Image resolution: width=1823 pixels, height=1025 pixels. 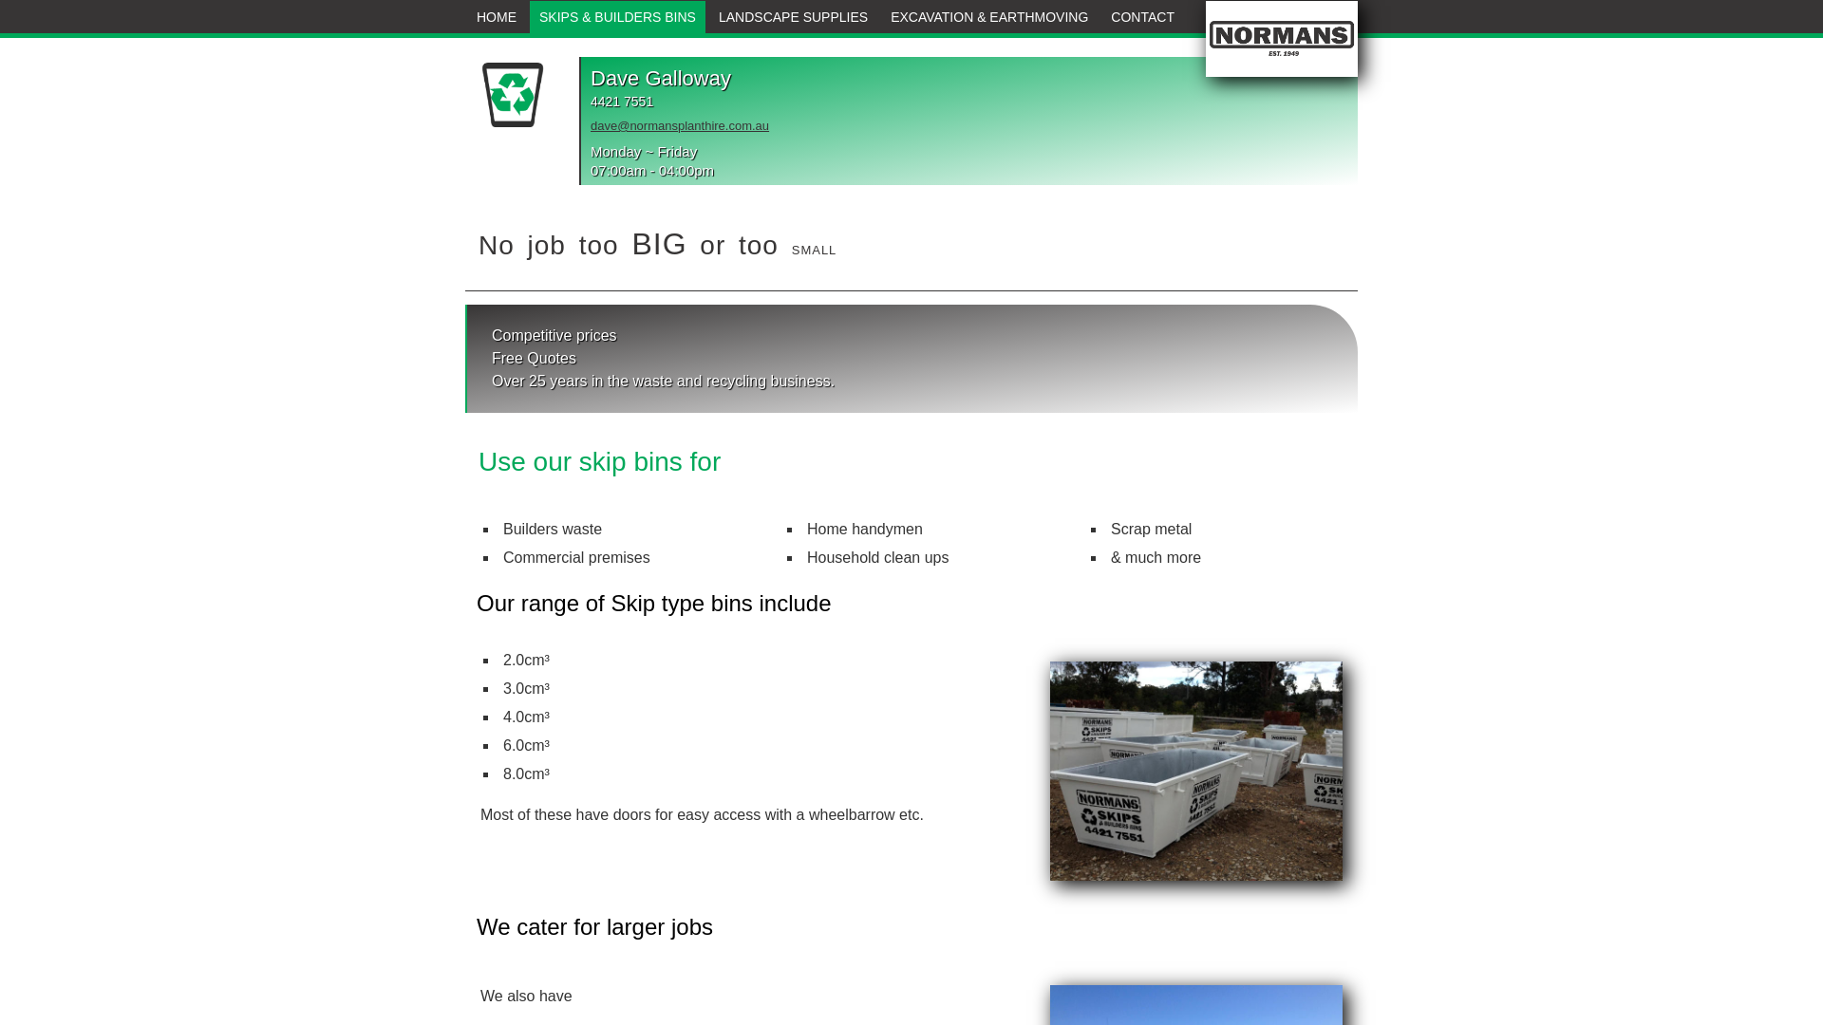 I want to click on 'SKIPS & BUILDERS BINS', so click(x=529, y=17).